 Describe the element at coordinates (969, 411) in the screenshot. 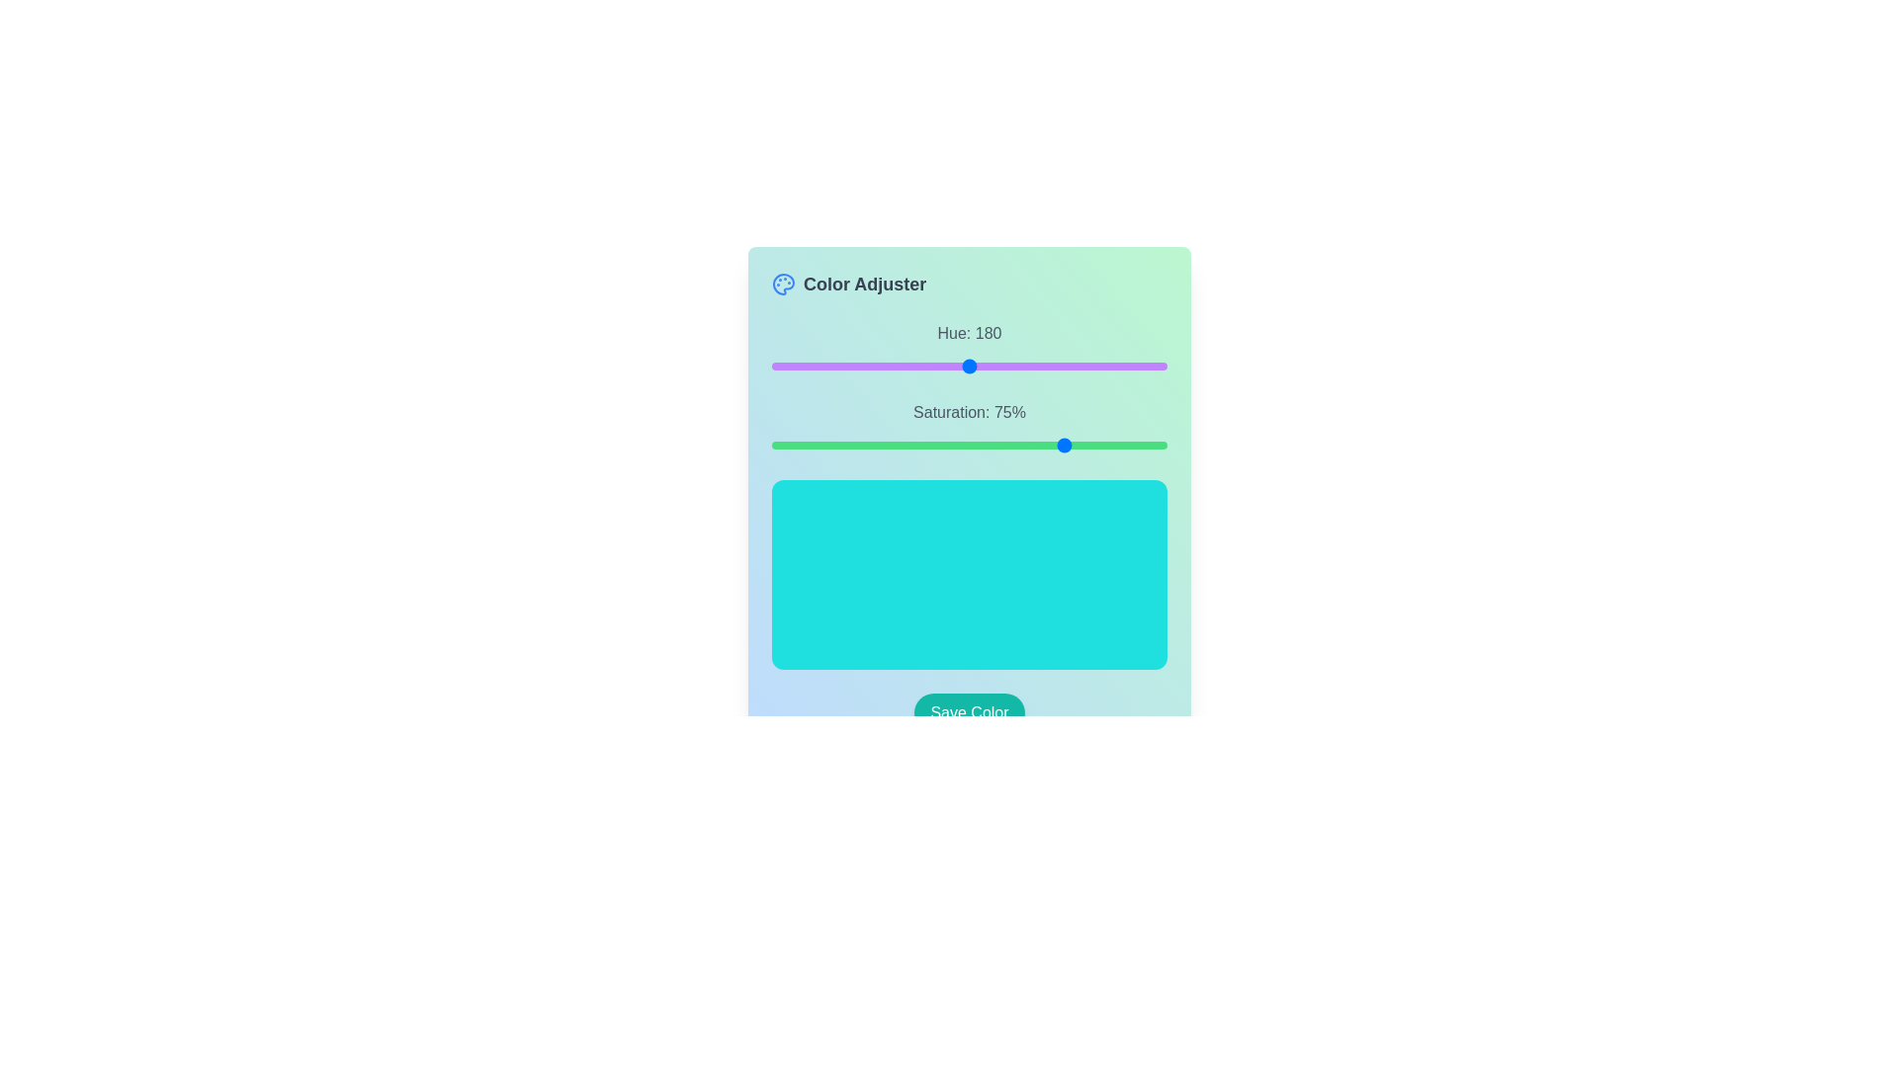

I see `displayed saturation value from the static text label showing 'Saturation: 75%', which is located under the 'Hue: 180' label and above a green slider` at that location.